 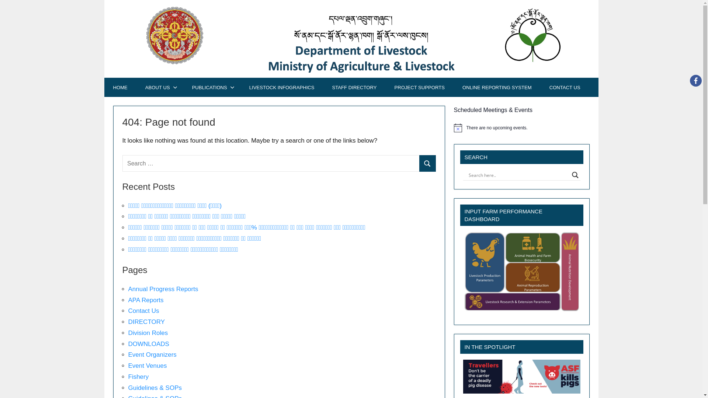 I want to click on 'In the Spotlight', so click(x=521, y=377).